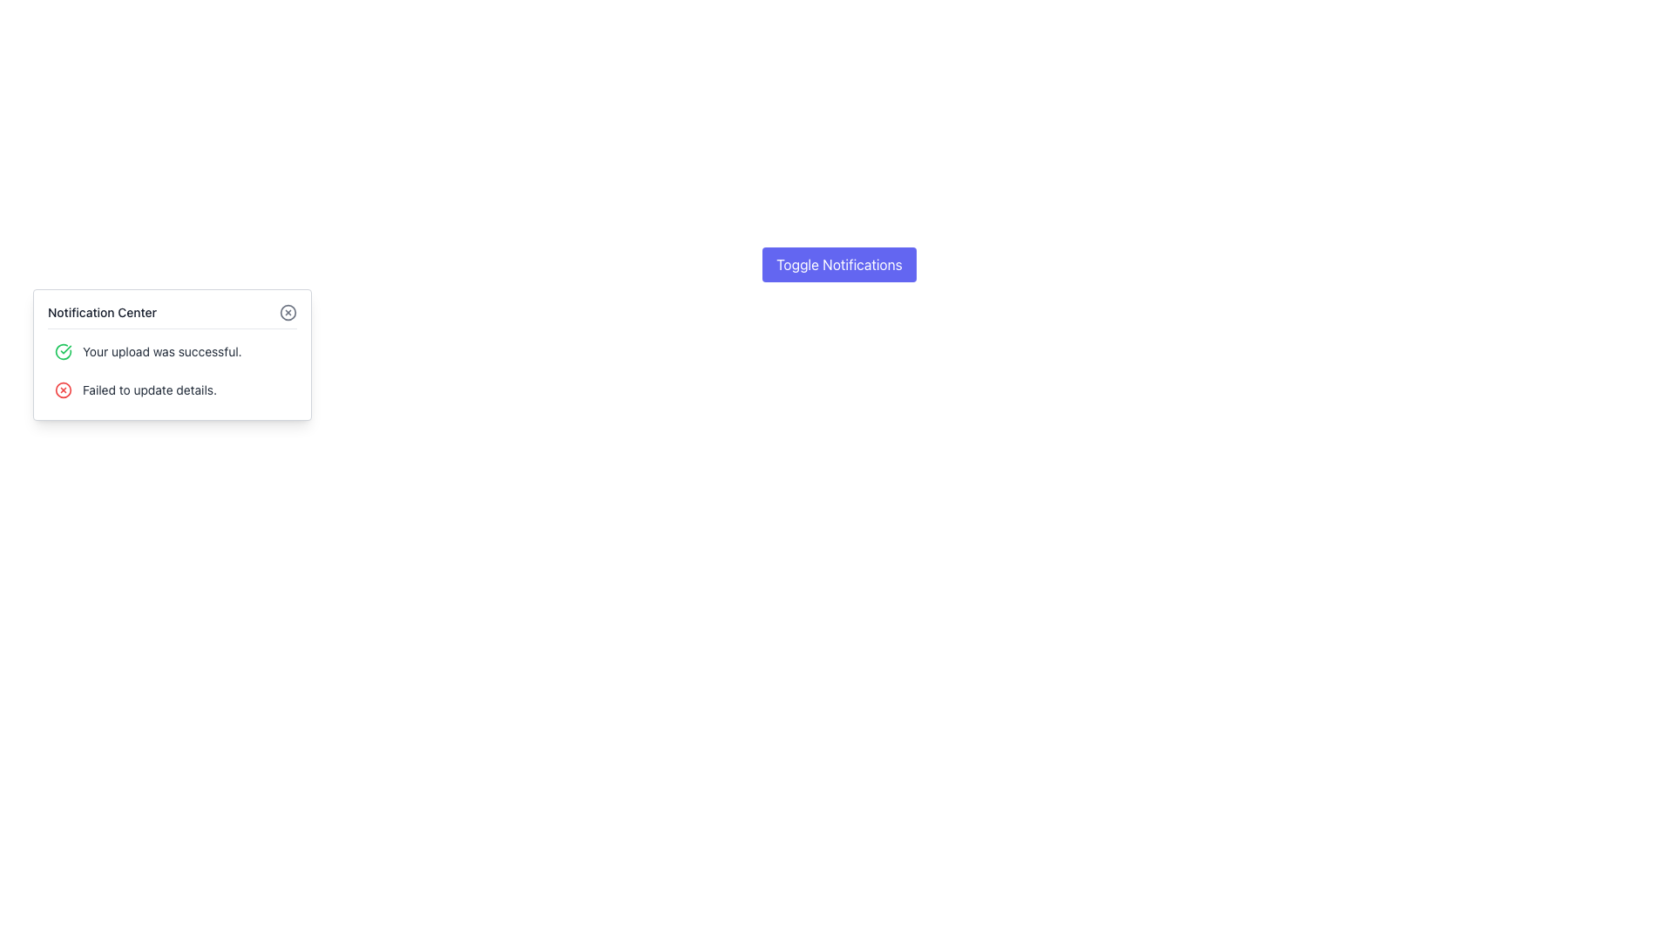 Image resolution: width=1673 pixels, height=941 pixels. What do you see at coordinates (288, 311) in the screenshot?
I see `the close button located at the upper-right corner of the Notification Center header` at bounding box center [288, 311].